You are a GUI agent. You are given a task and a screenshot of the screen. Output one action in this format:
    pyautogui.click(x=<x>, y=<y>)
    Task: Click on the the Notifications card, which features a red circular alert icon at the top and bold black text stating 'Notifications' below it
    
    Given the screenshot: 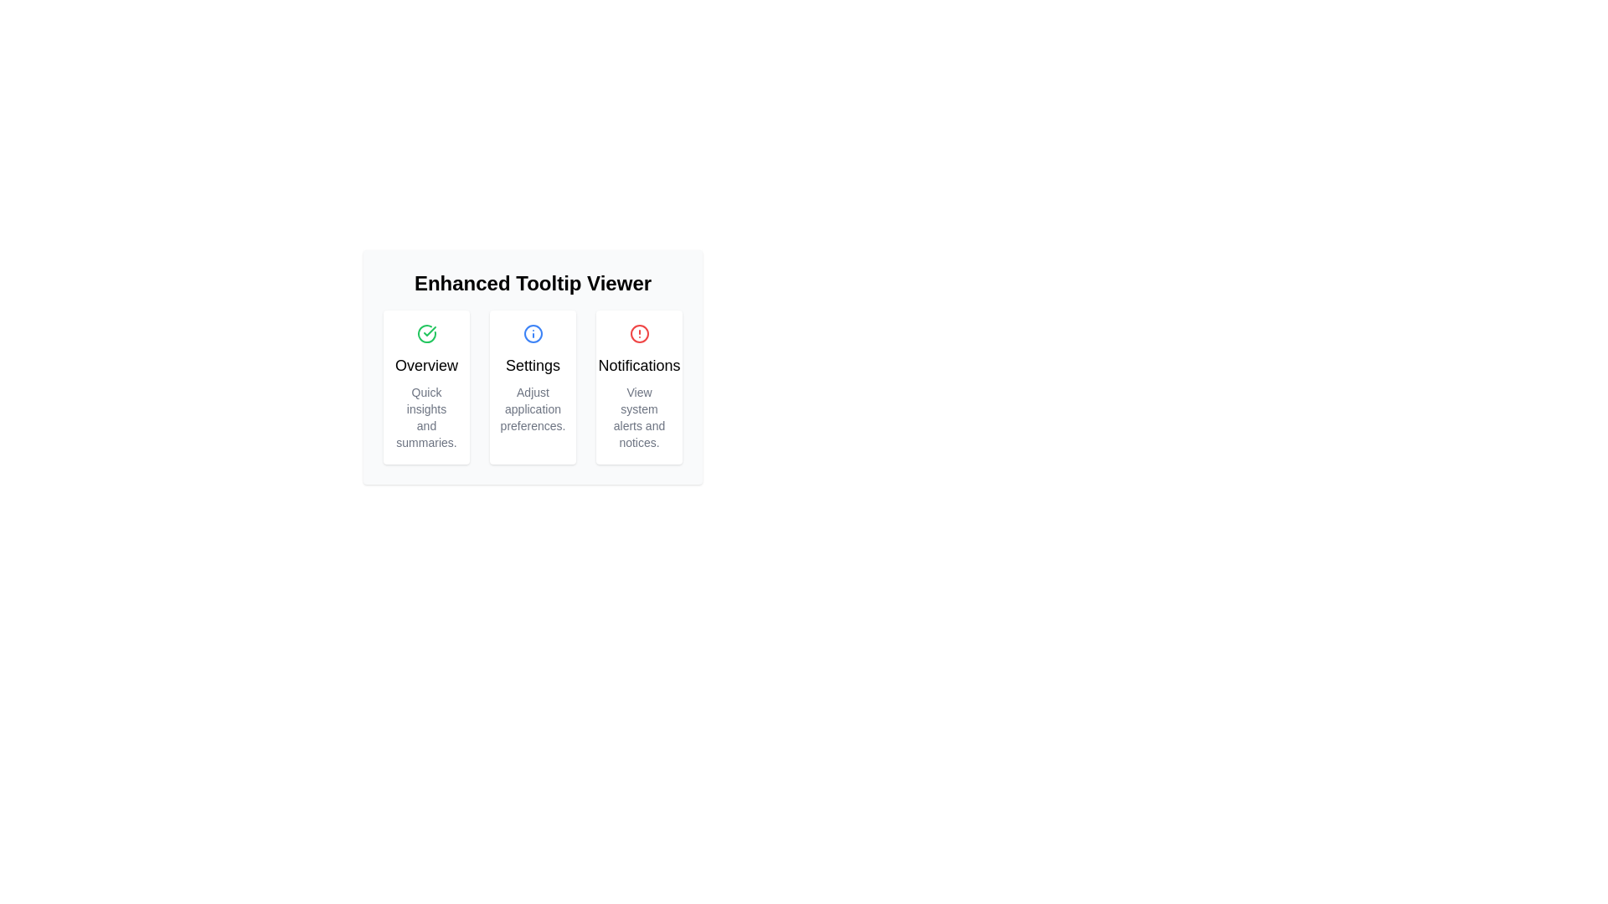 What is the action you would take?
    pyautogui.click(x=638, y=387)
    